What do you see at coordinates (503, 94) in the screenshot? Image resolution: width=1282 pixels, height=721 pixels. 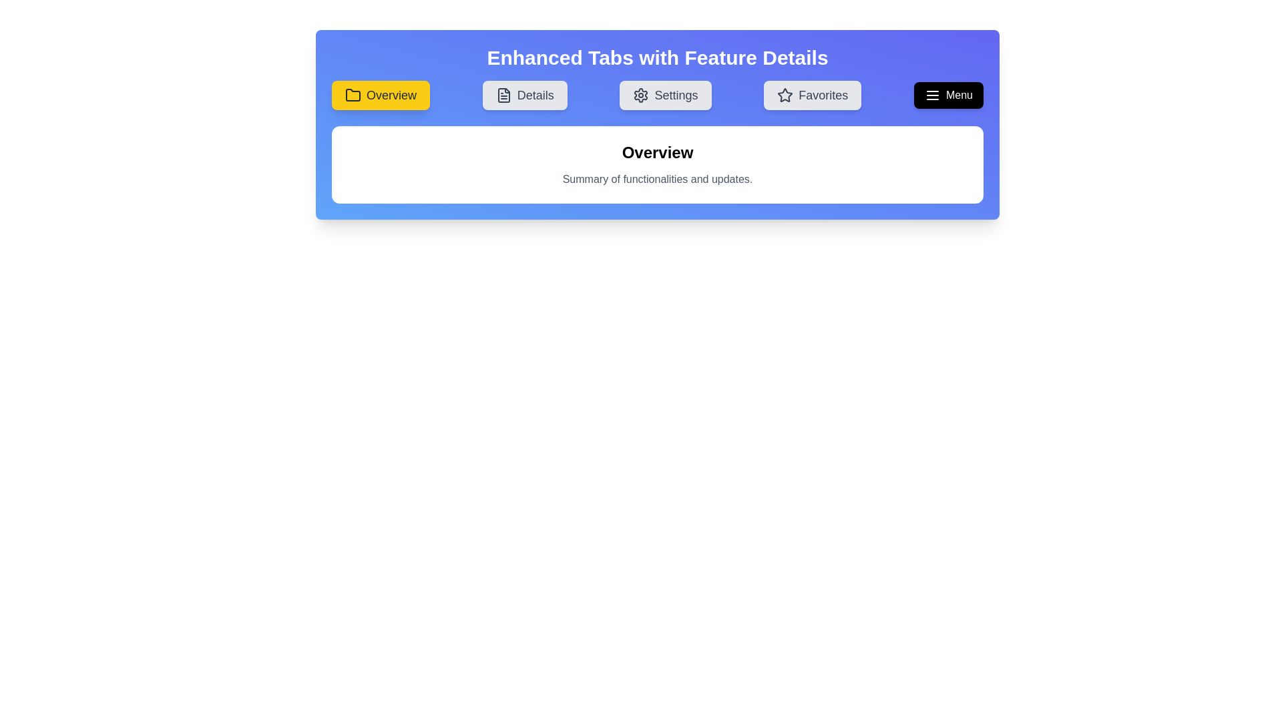 I see `the rectangular icon resembling a document or file within the second button from the left in the horizontal navigation bar under 'Enhanced Tabs with Feature Details'` at bounding box center [503, 94].